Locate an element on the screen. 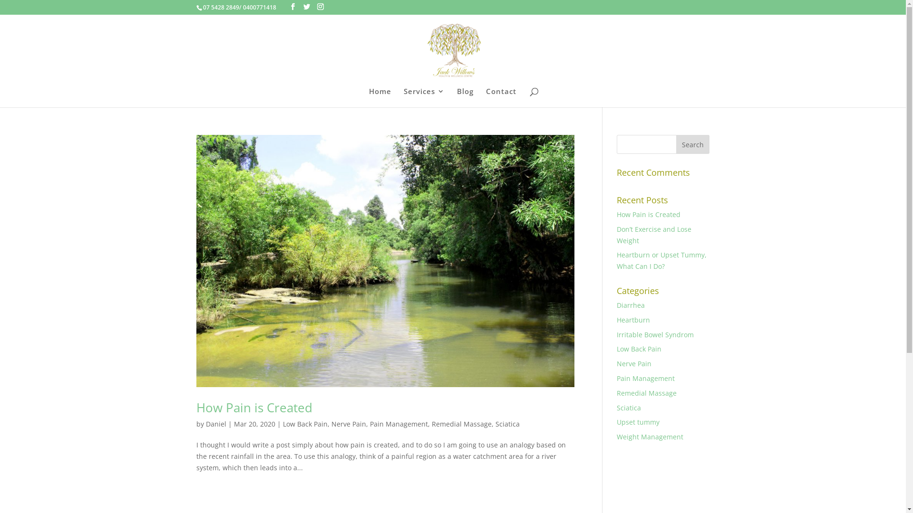 This screenshot has width=913, height=513. 'Weight Management' is located at coordinates (616, 437).